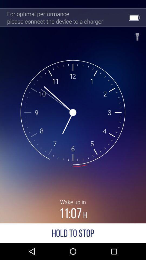  Describe the element at coordinates (137, 35) in the screenshot. I see `edit information` at that location.